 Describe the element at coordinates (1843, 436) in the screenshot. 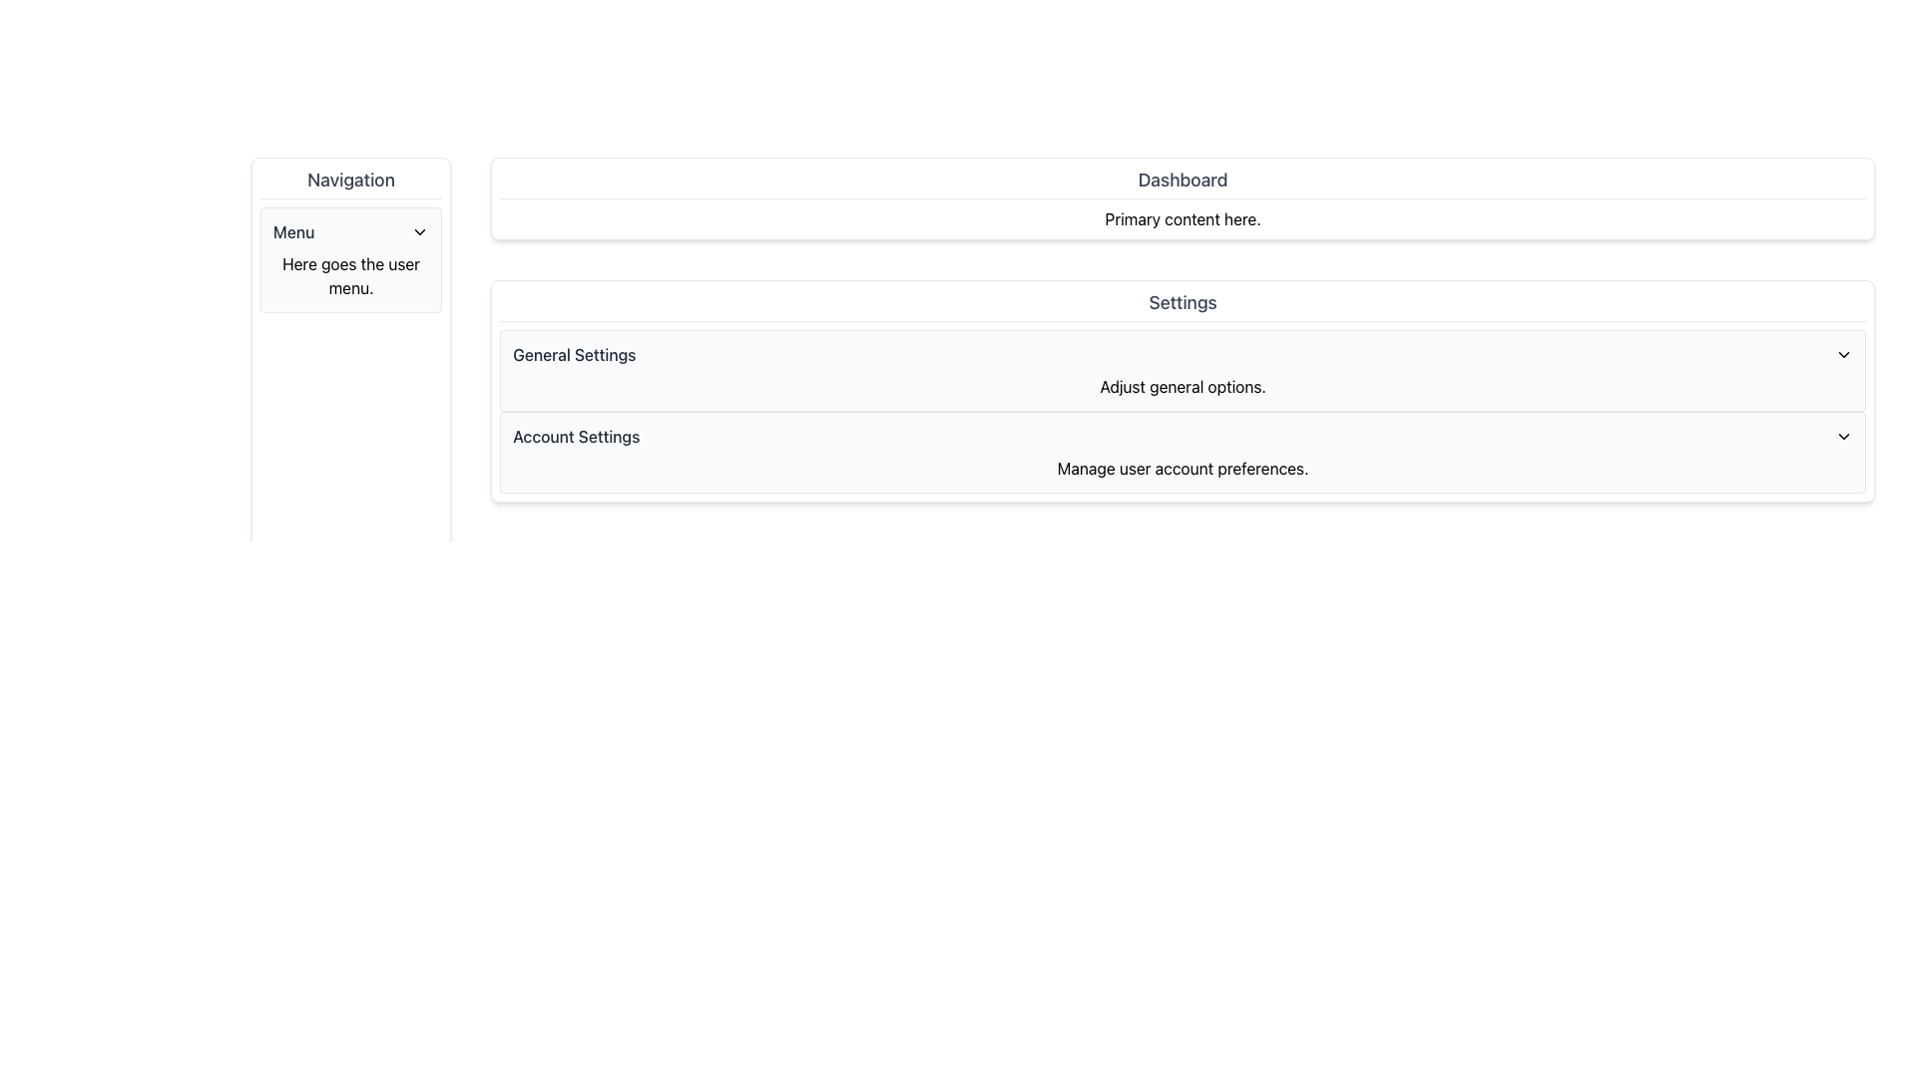

I see `the downward-pointing chevron icon used for expanding or collapsing the section associated with 'Account Settings'` at that location.